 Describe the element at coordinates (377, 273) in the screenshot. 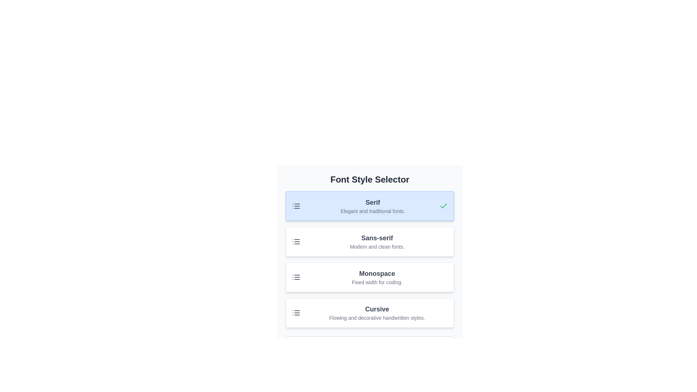

I see `the 'Monospace' text label, which is displayed in bold gray font and represents a selectable font style option` at that location.